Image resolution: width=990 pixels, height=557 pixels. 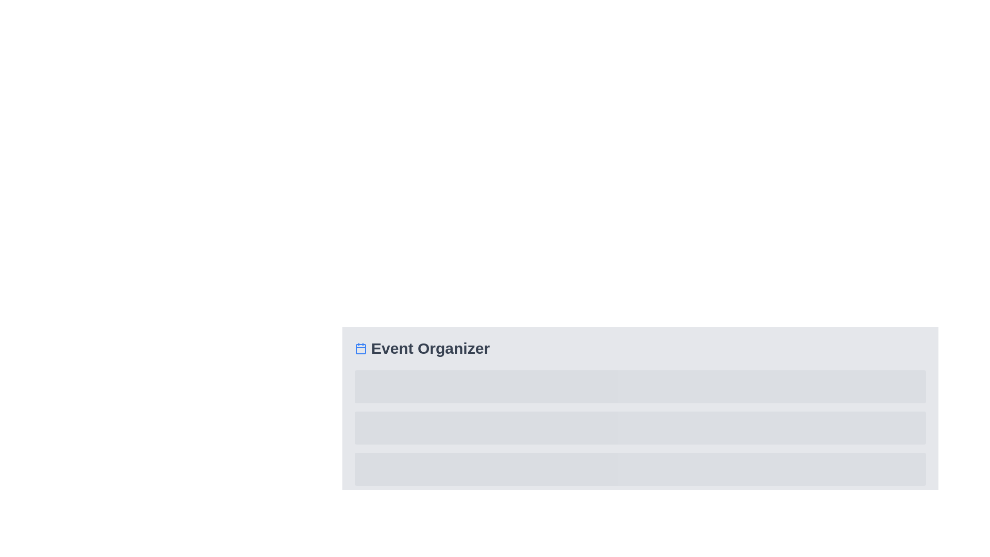 I want to click on the calendar icon located to the left of the 'Event Organizer' text, which serves as a visual cue for scheduling features, so click(x=361, y=348).